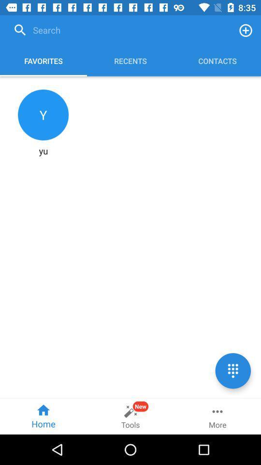  What do you see at coordinates (246, 30) in the screenshot?
I see `contact` at bounding box center [246, 30].